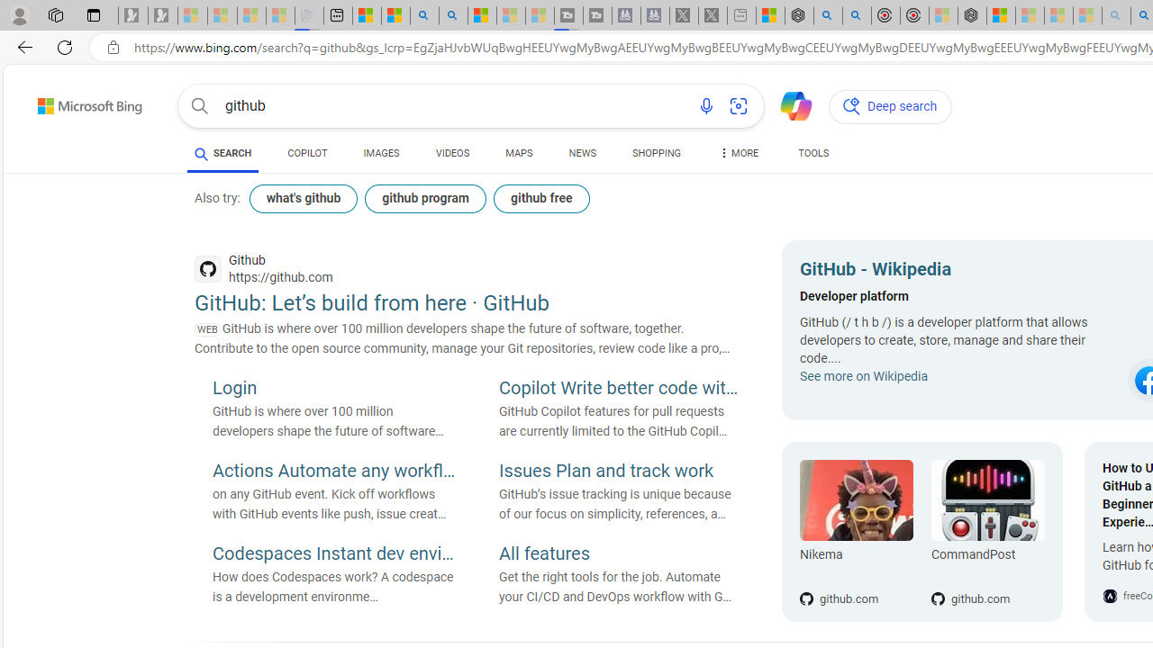 Image resolution: width=1153 pixels, height=648 pixels. I want to click on 'NEWS', so click(582, 153).